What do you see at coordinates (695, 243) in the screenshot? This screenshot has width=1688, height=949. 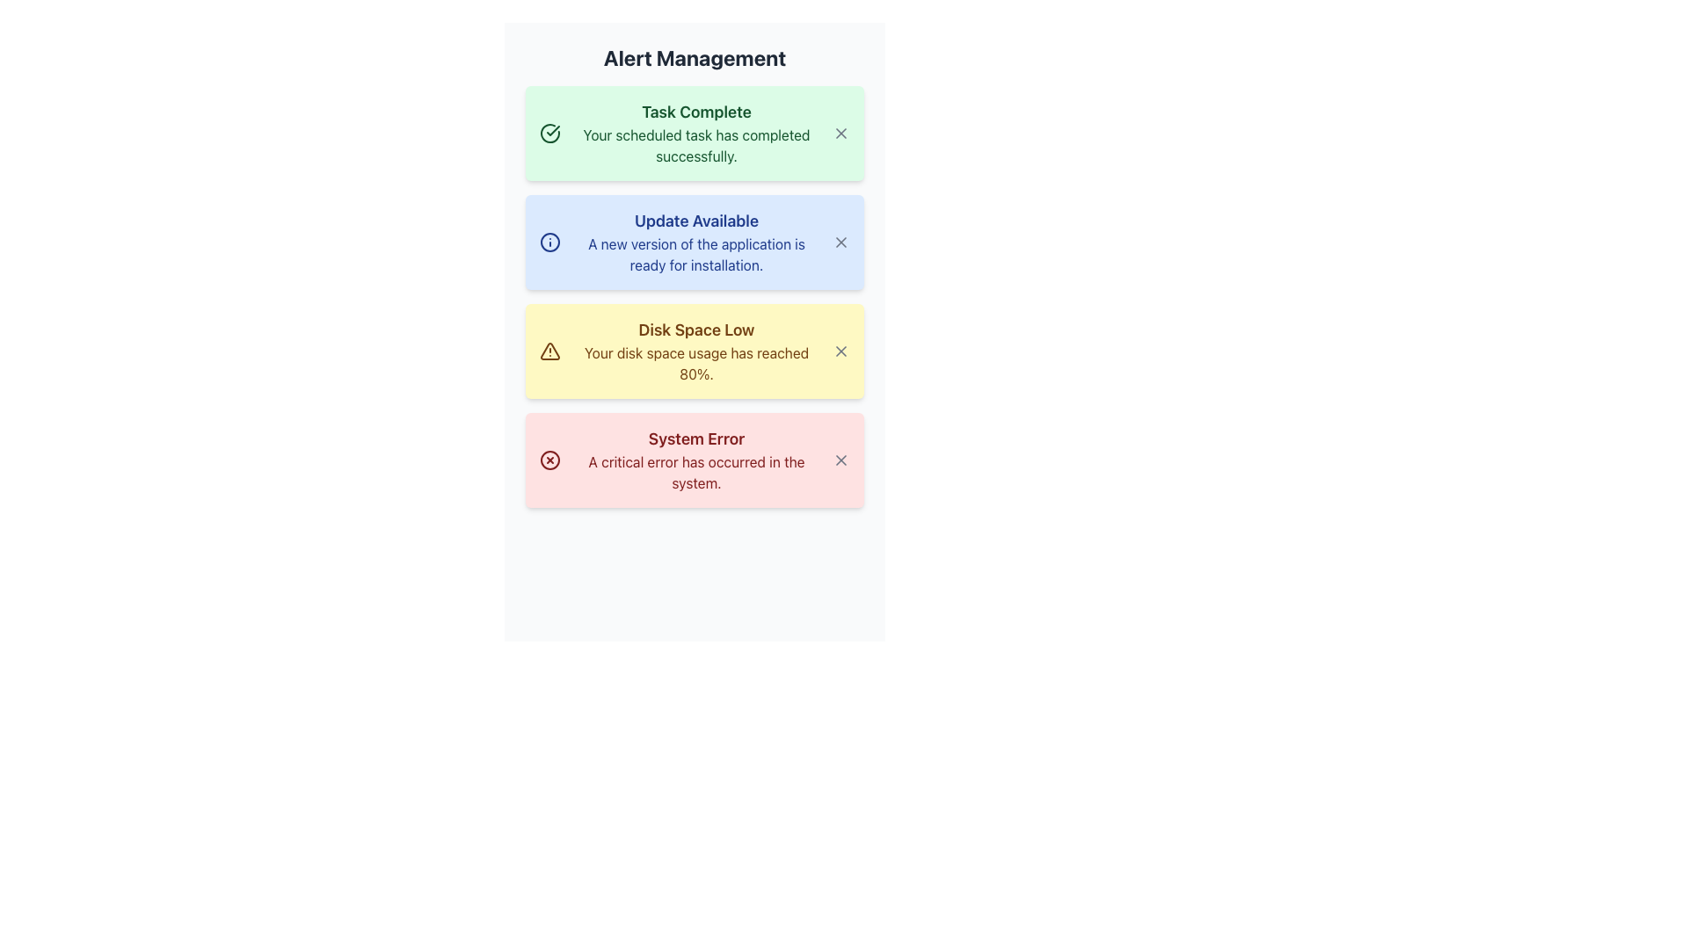 I see `message displayed in the text block titled 'Update Available', which contains the subtitle 'A new version of the application is ready for installation.'` at bounding box center [695, 243].